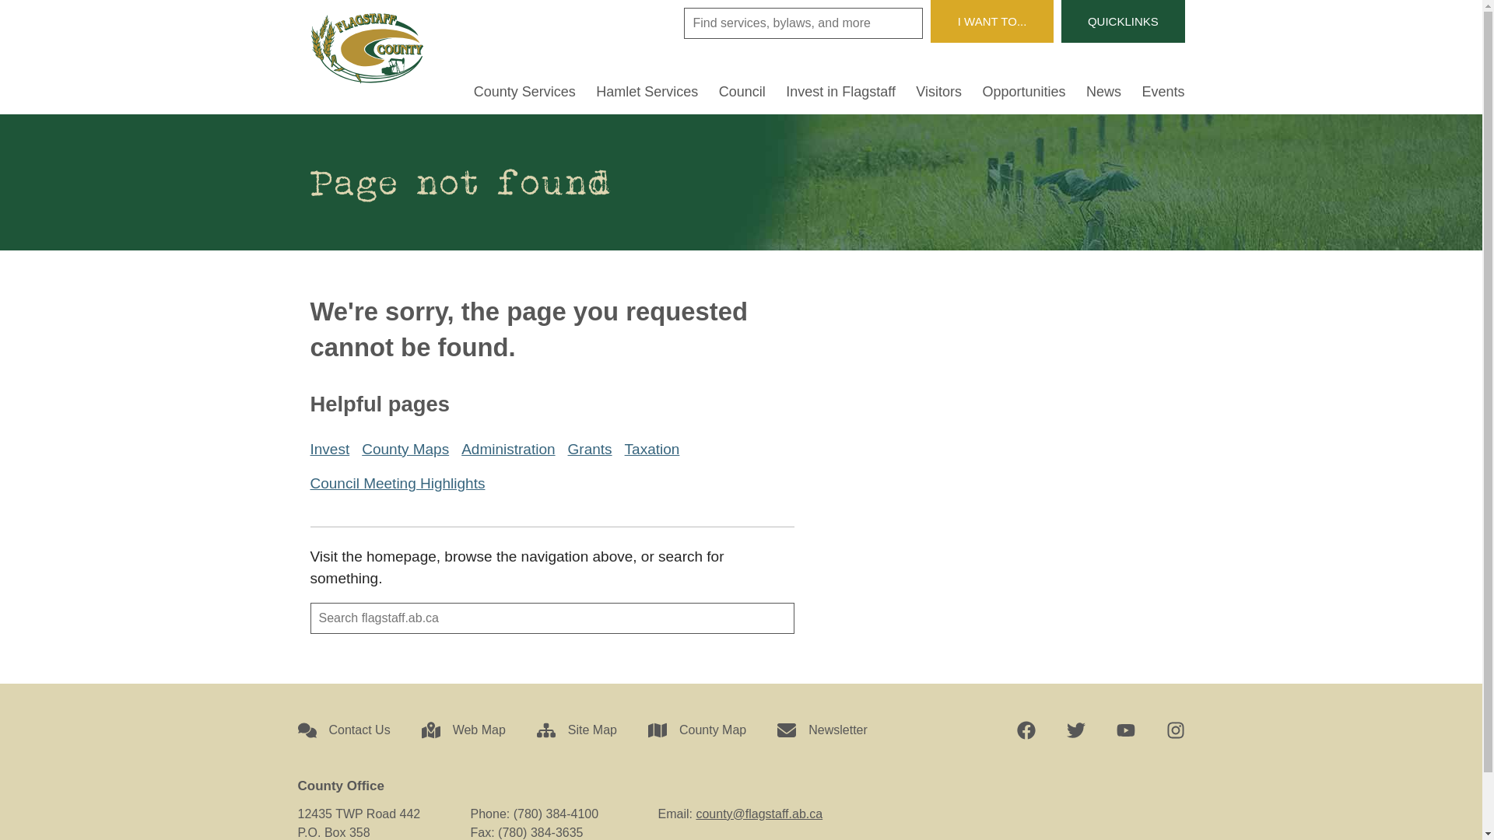  Describe the element at coordinates (1103, 95) in the screenshot. I see `'News'` at that location.